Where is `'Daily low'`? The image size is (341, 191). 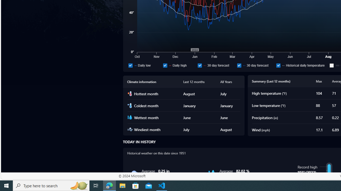 'Daily low' is located at coordinates (144, 65).